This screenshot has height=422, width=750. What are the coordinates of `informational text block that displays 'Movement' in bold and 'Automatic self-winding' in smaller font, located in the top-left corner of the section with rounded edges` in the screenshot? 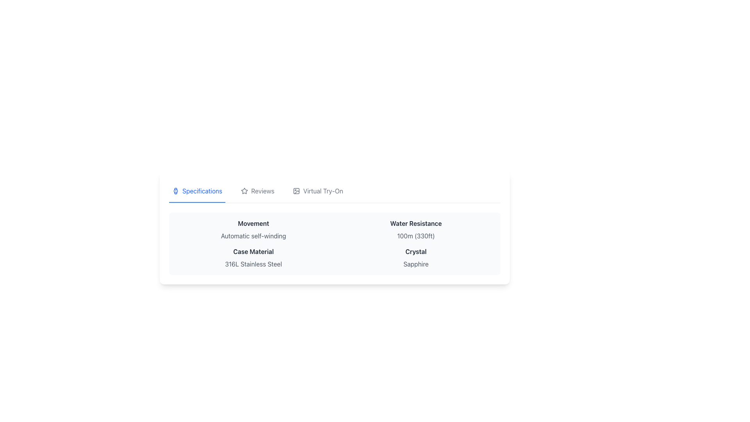 It's located at (253, 229).